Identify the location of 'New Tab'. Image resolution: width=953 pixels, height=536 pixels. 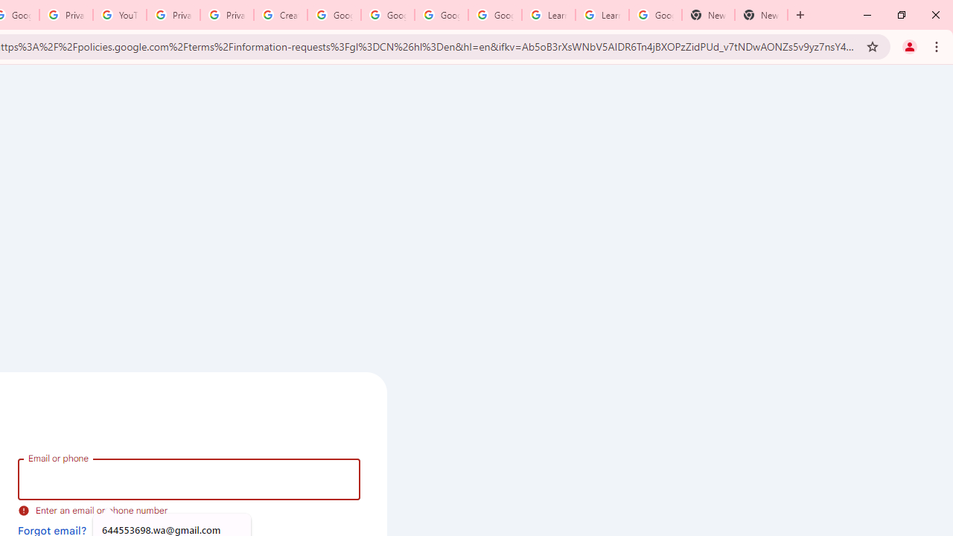
(707, 15).